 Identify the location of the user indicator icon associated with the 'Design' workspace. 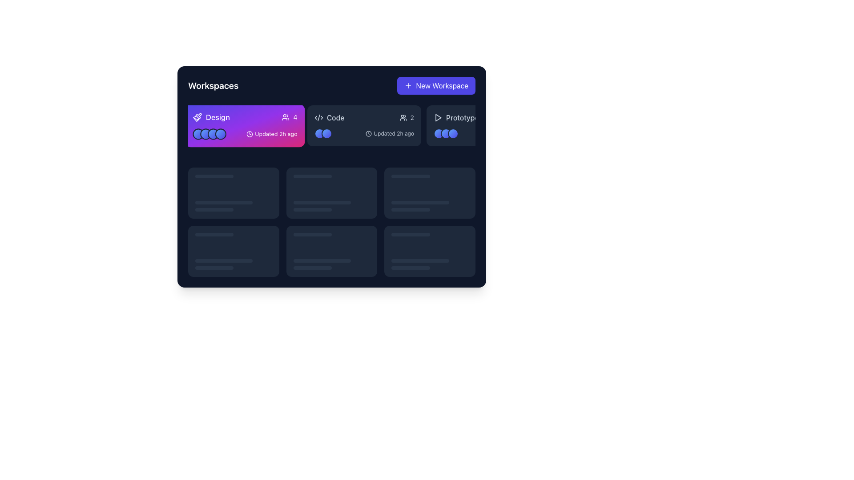
(286, 116).